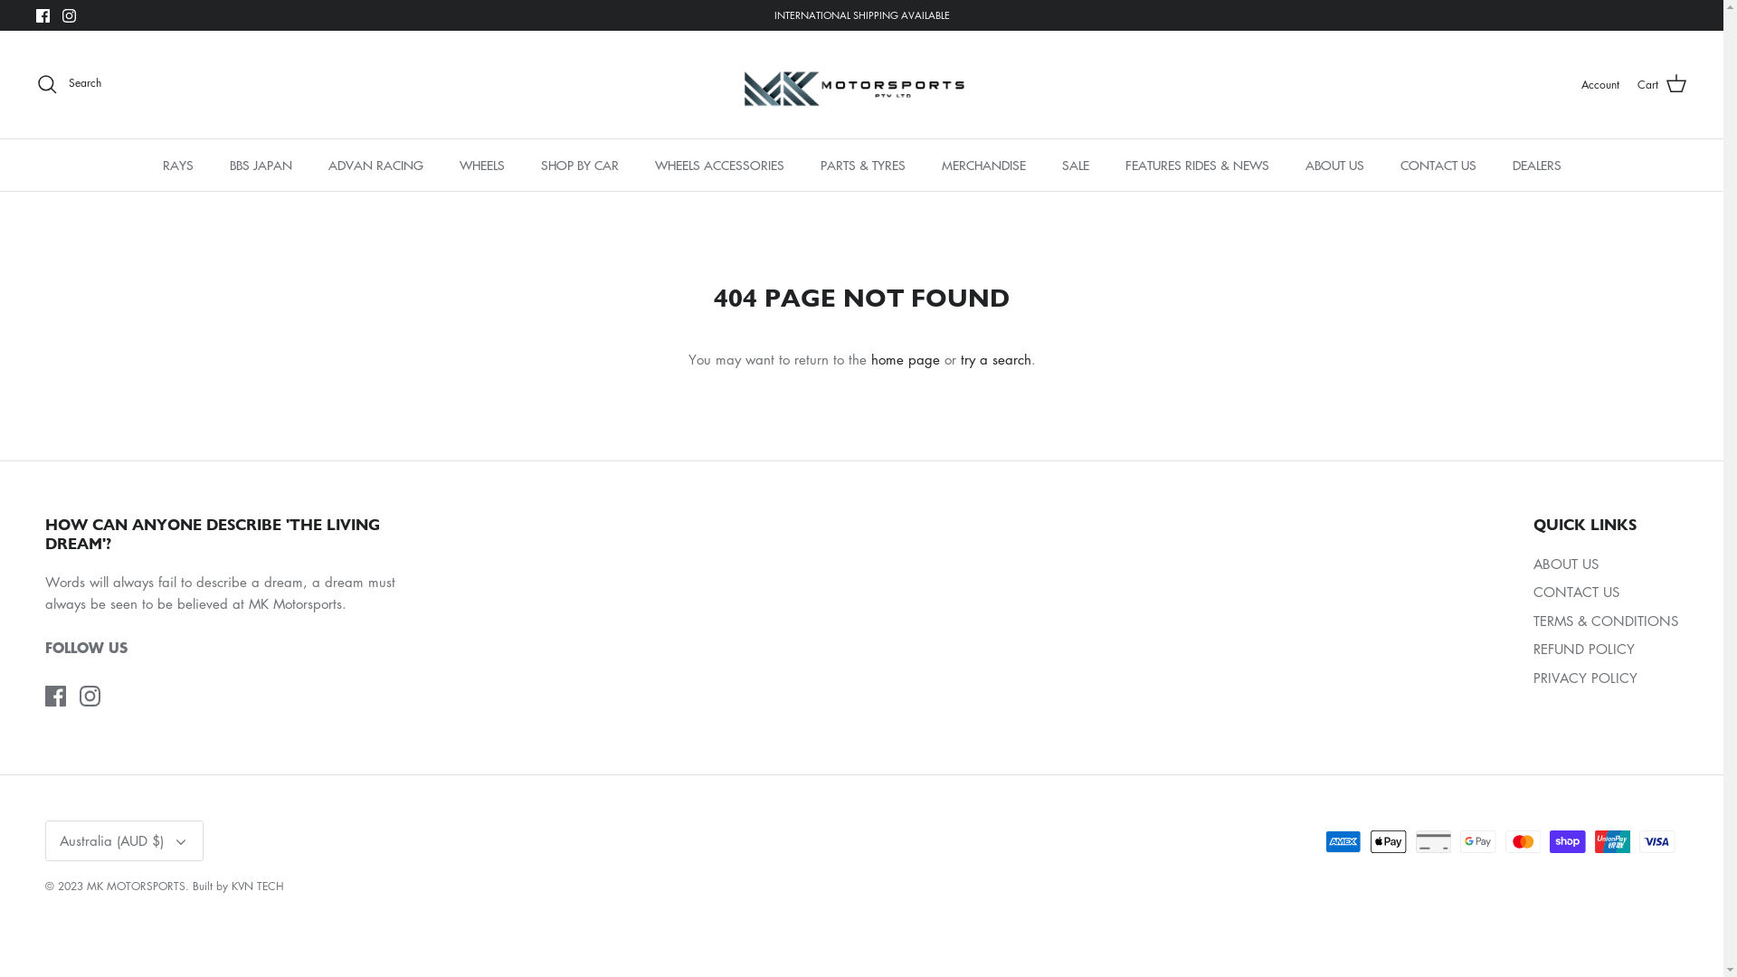 The width and height of the screenshot is (1737, 977). I want to click on 'REFUND POLICY', so click(1583, 648).